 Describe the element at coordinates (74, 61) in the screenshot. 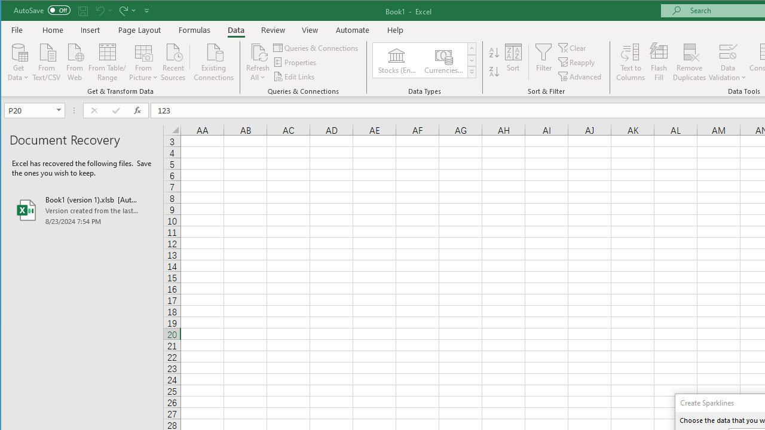

I see `'From Web'` at that location.